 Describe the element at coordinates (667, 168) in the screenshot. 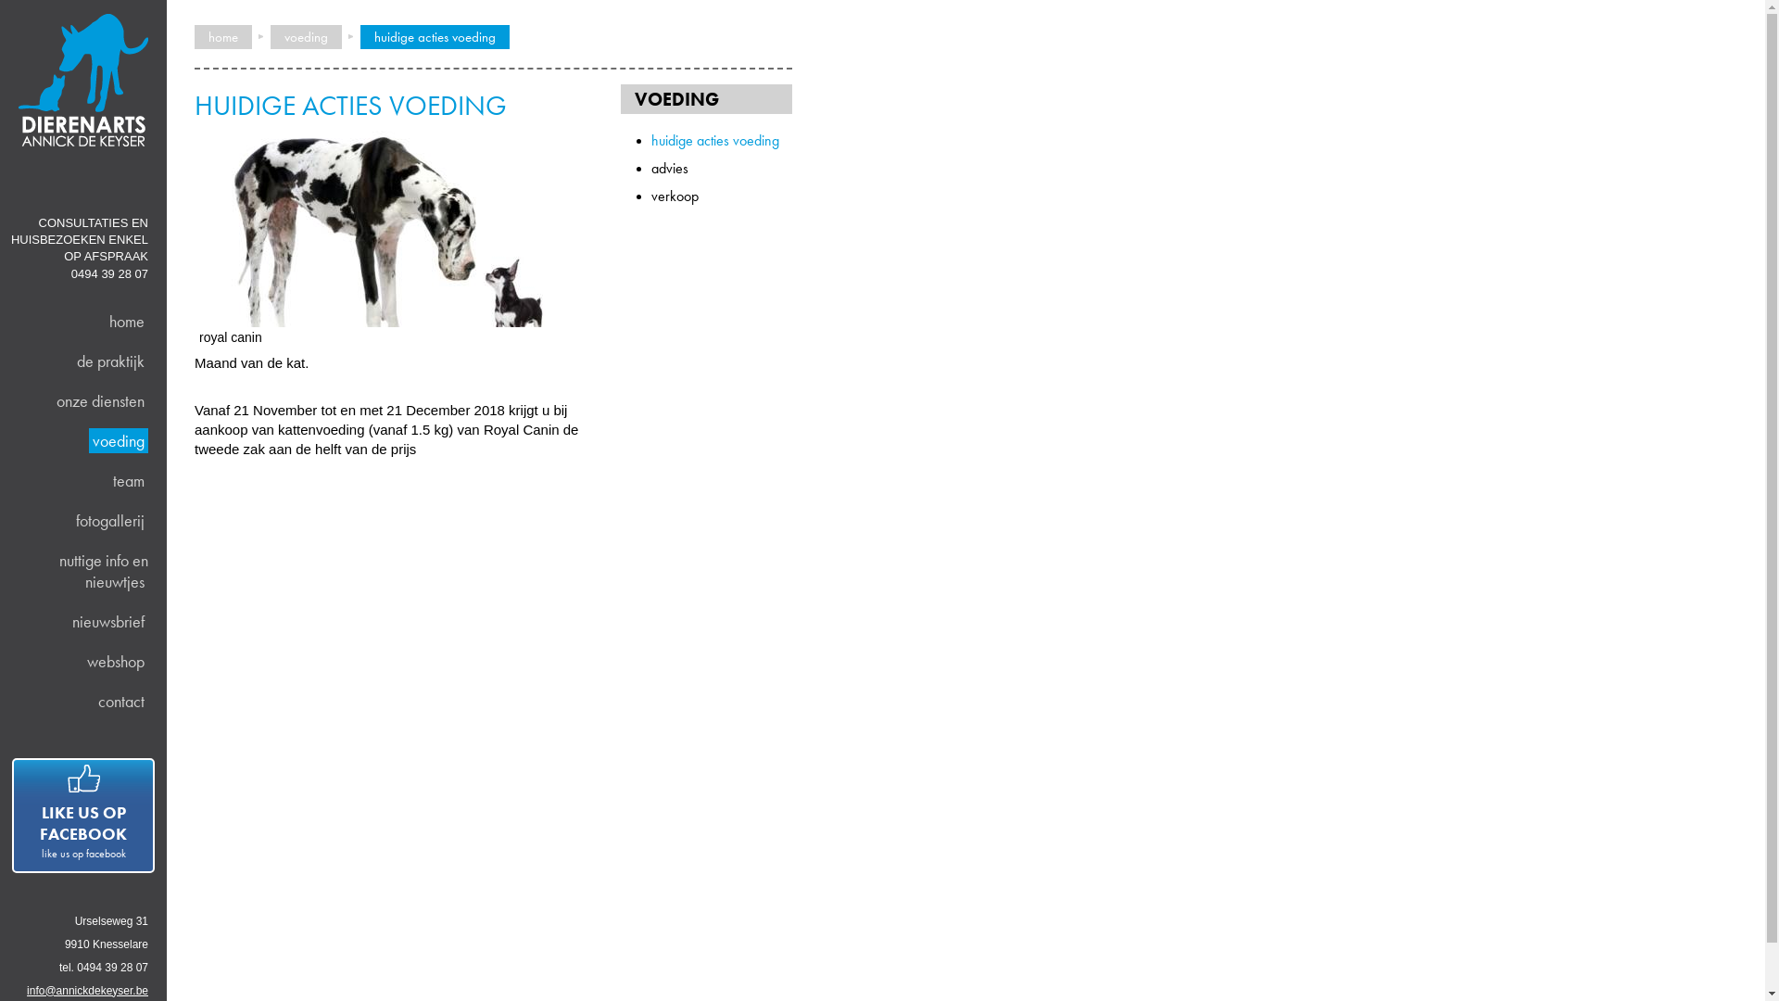

I see `'advies'` at that location.